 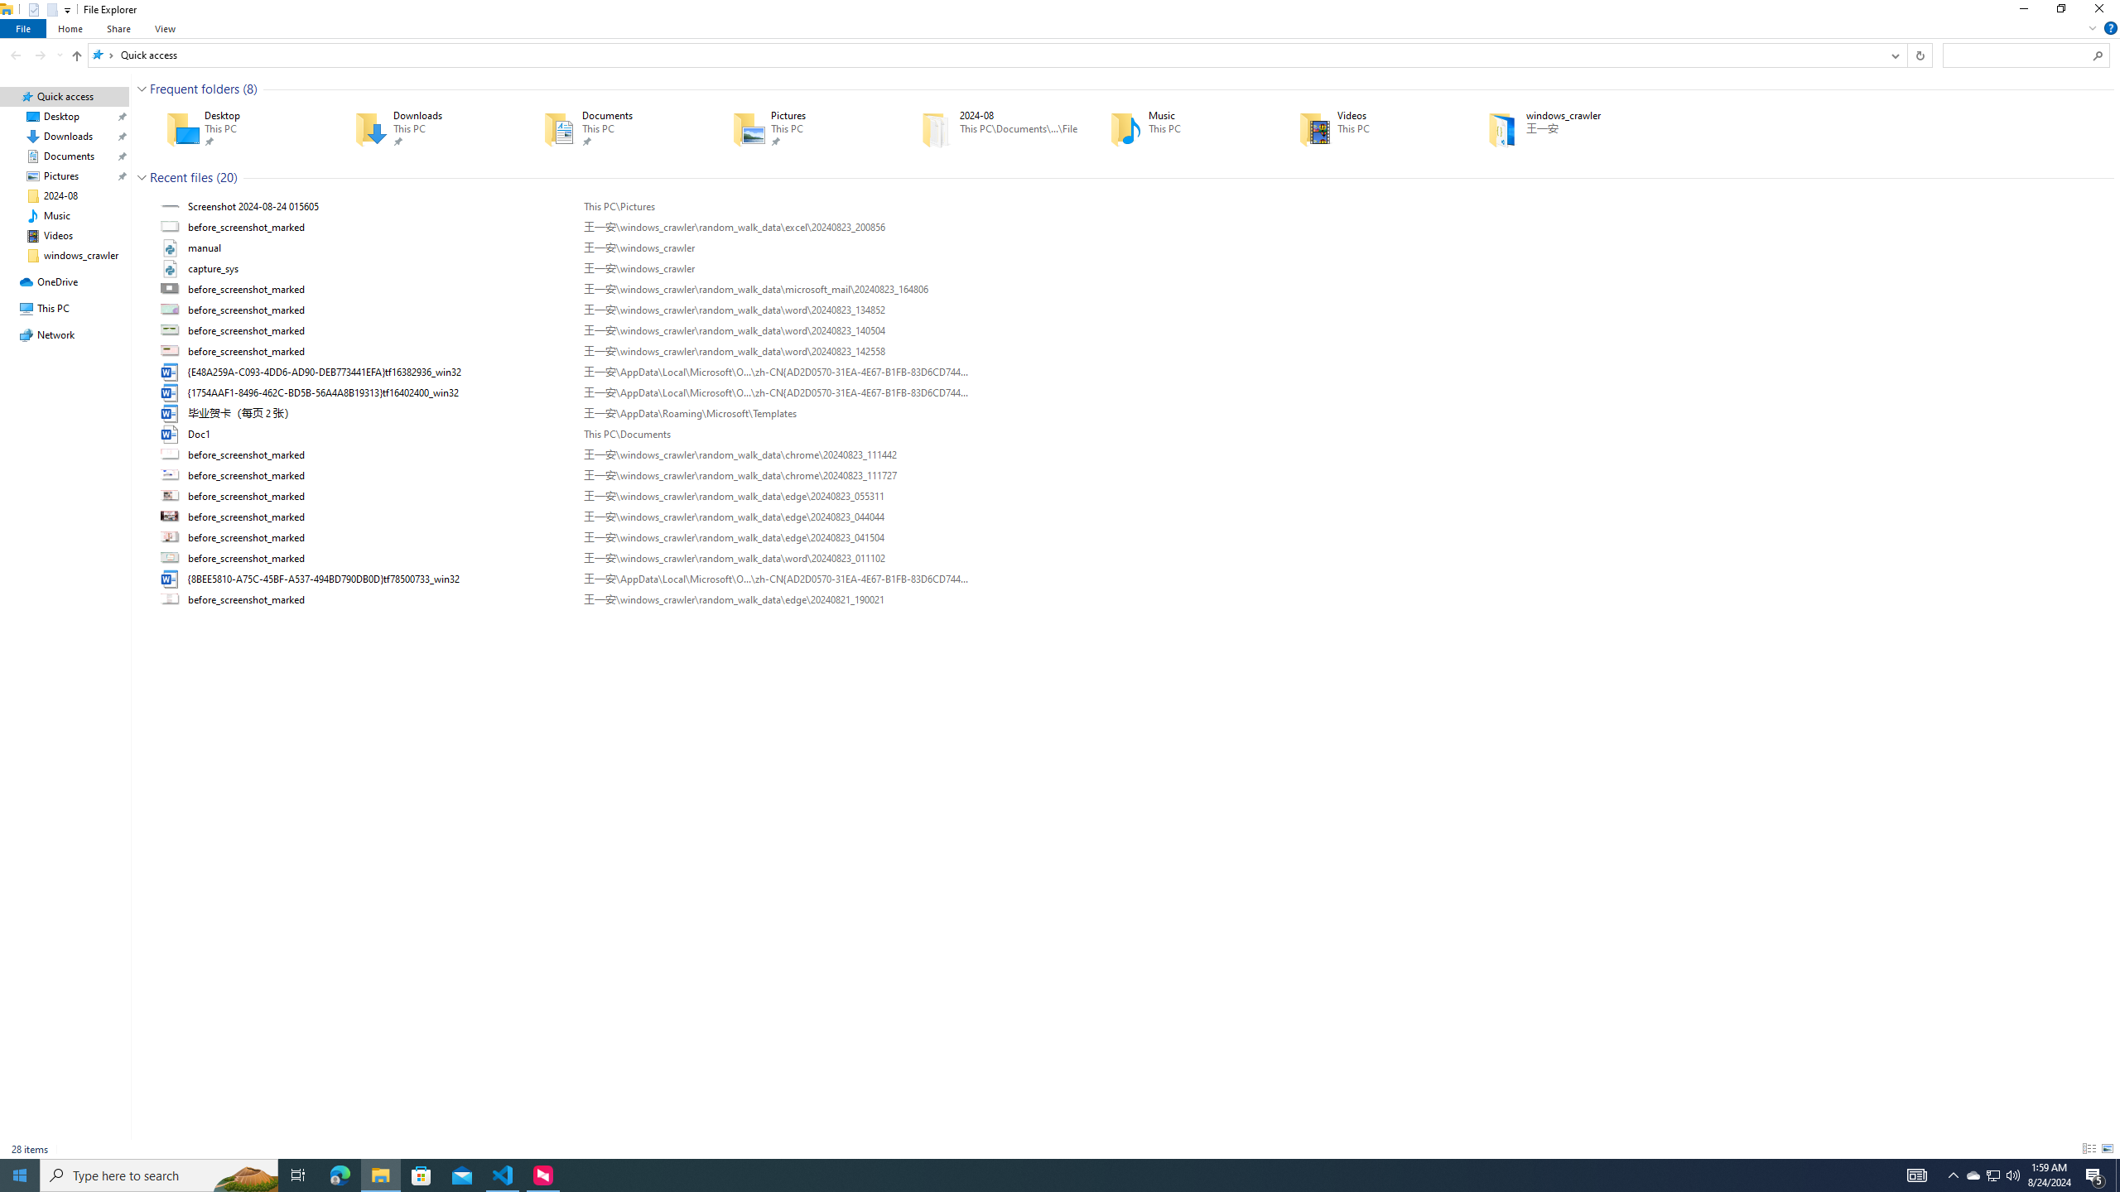 I want to click on 'Forward (Alt + Right Arrow)', so click(x=40, y=54).